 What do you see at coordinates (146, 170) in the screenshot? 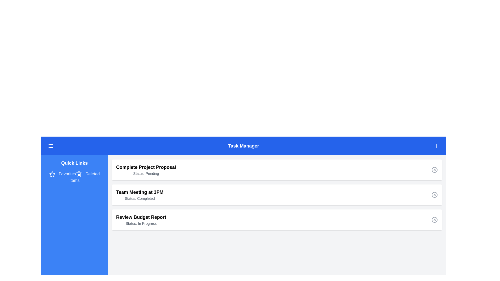
I see `the Informational text block displaying the title 'Complete Project Proposal' and the status 'Pending', which is the first item in a card-like component below the blue header bar` at bounding box center [146, 170].